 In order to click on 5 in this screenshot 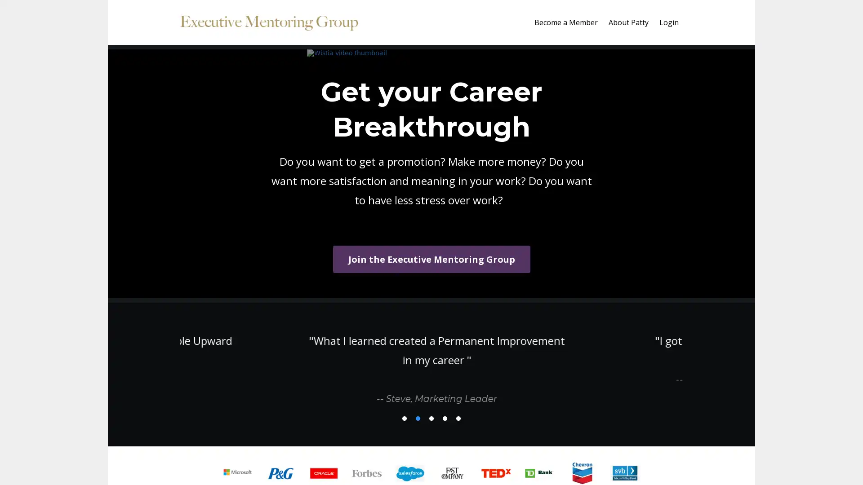, I will do `click(458, 398)`.